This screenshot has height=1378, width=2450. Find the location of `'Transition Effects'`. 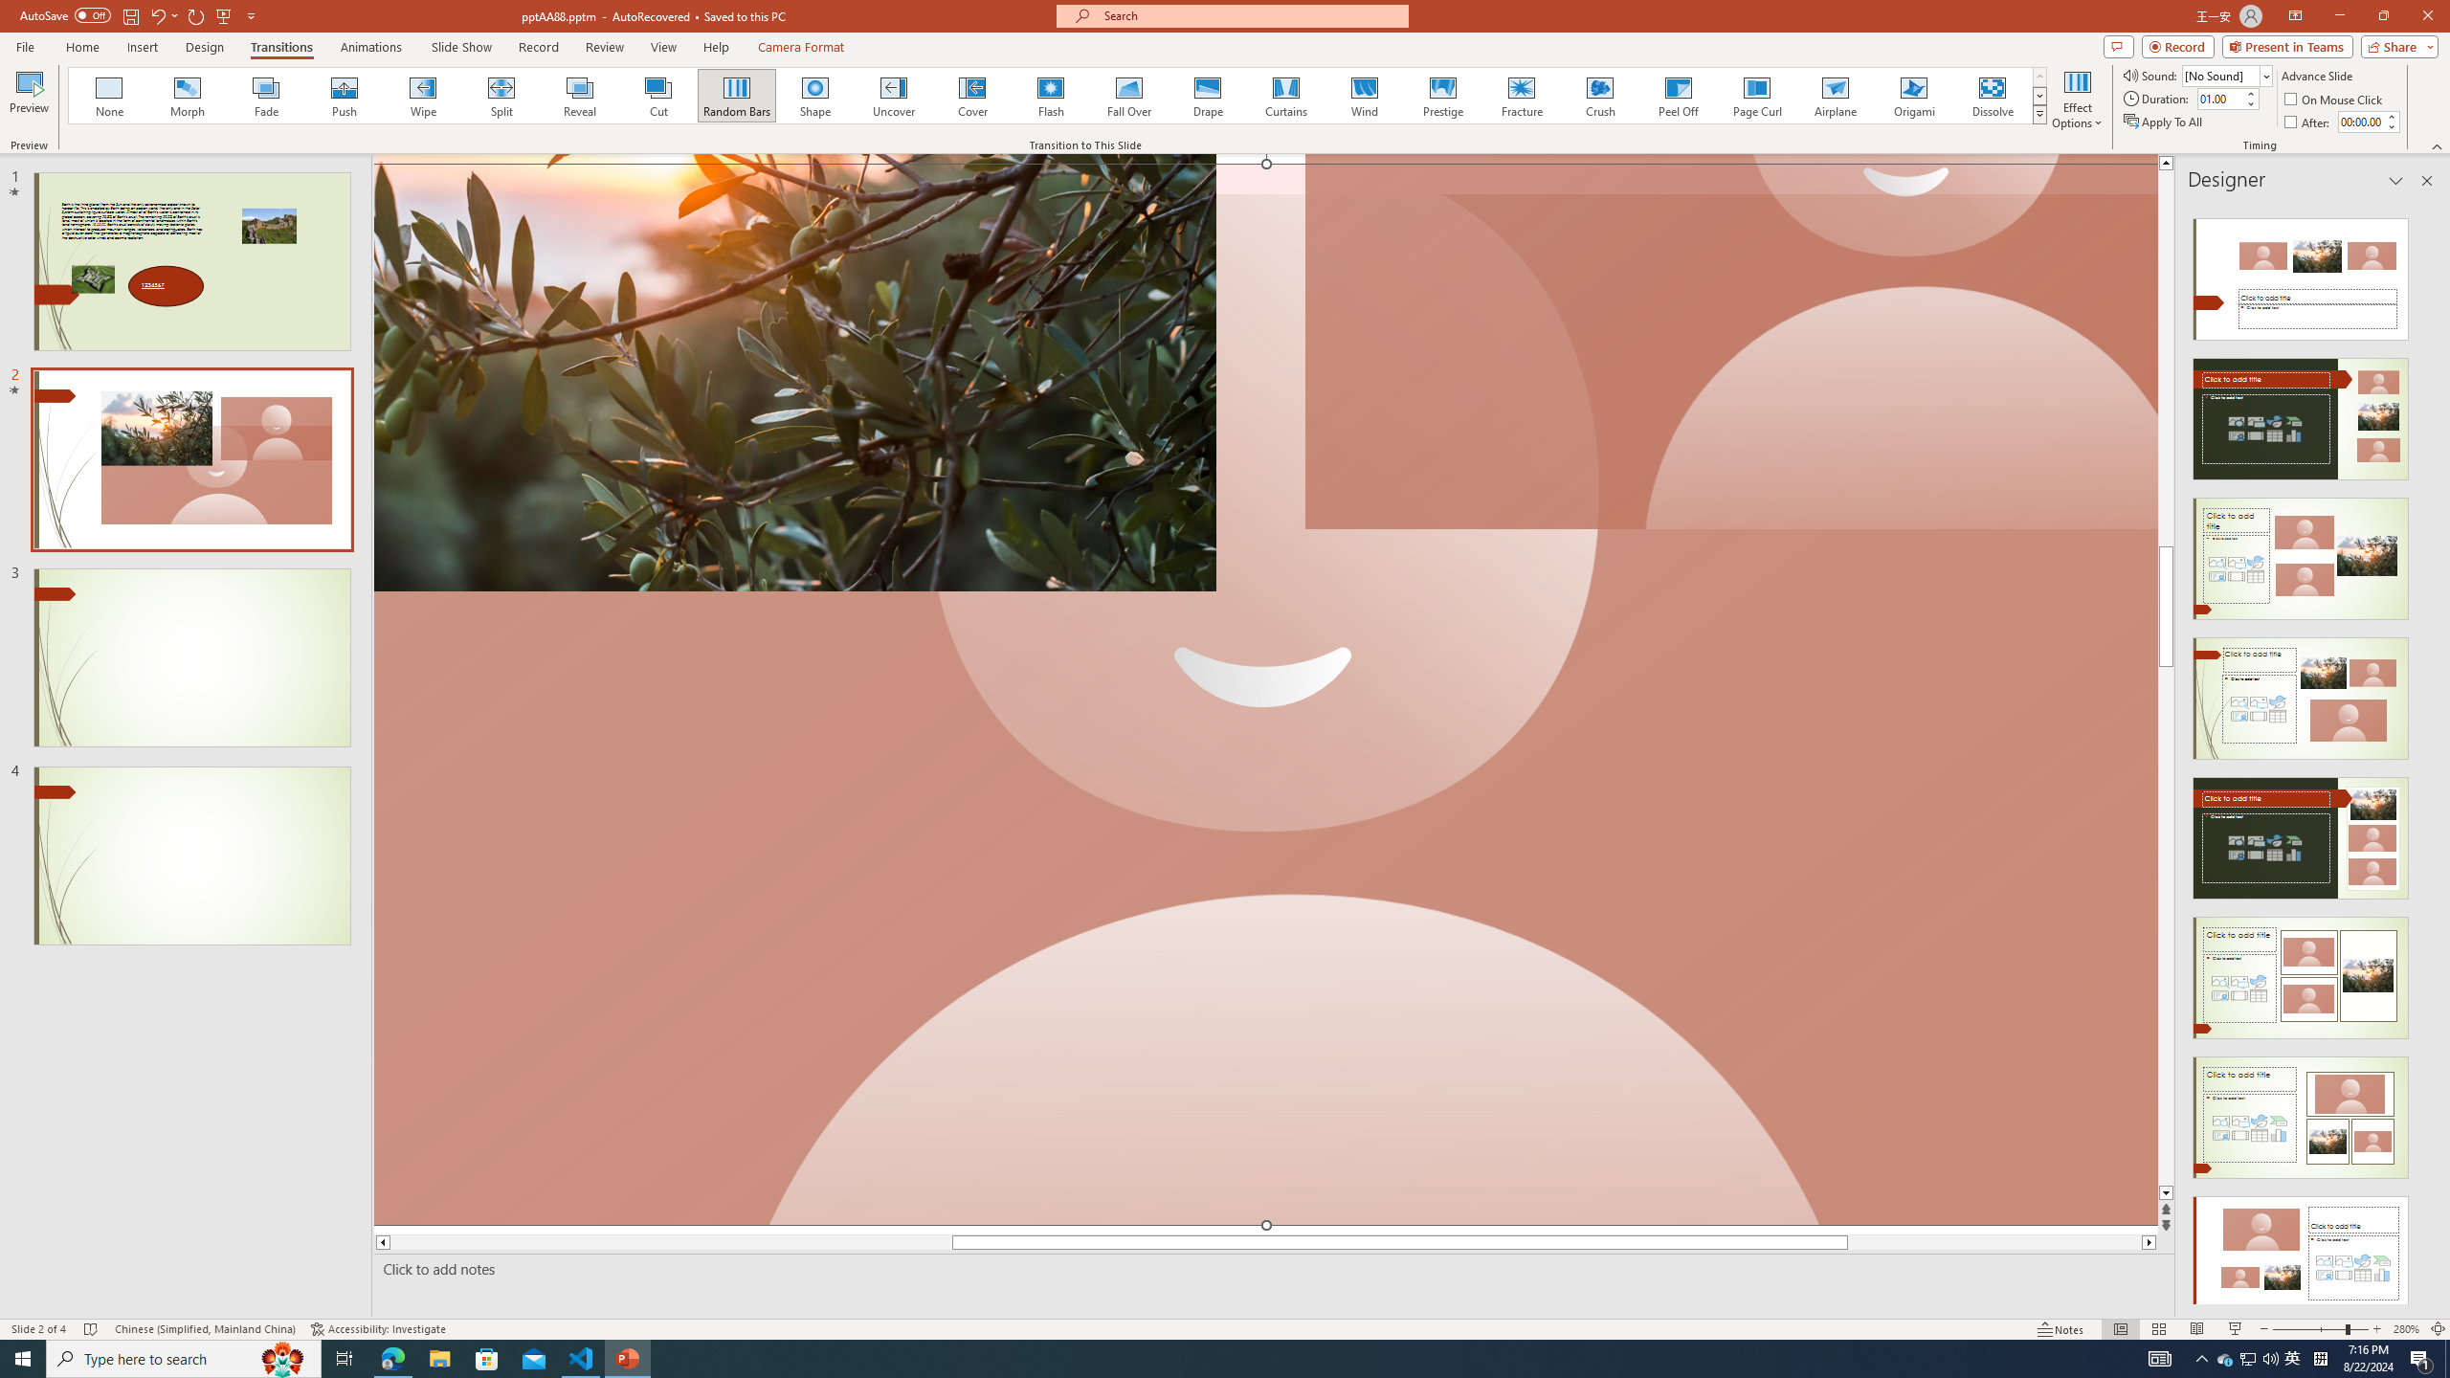

'Transition Effects' is located at coordinates (2039, 113).